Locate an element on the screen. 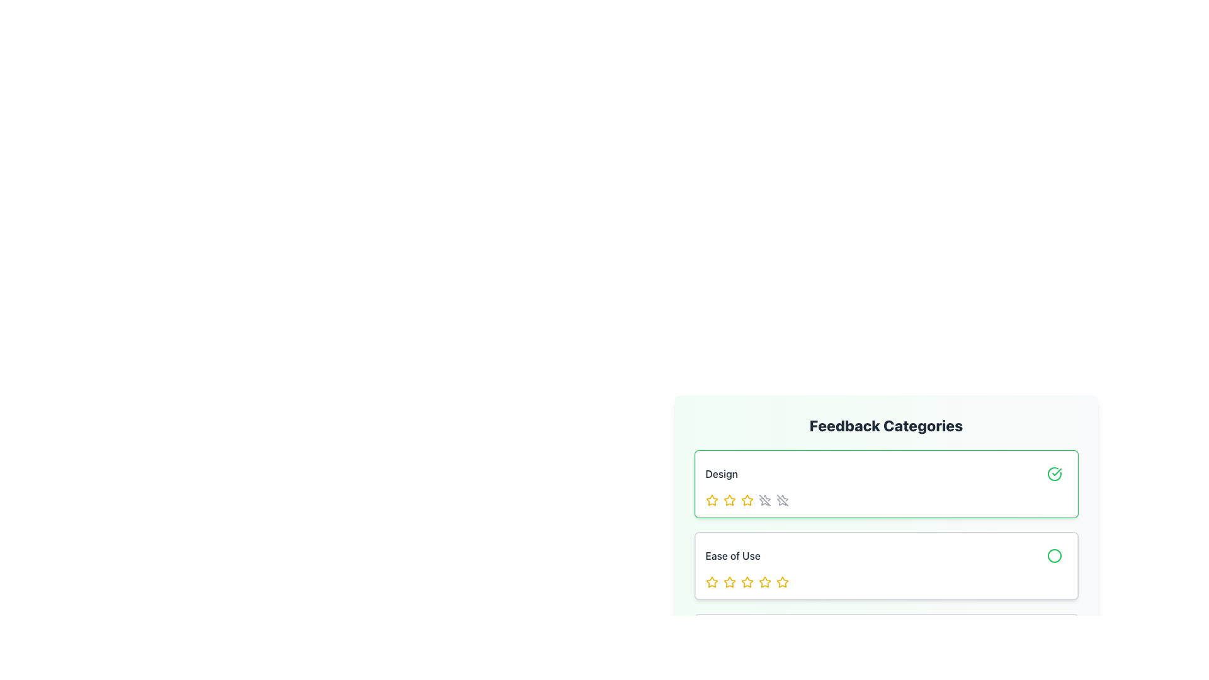  second star icon element in the rating mechanism for its properties is located at coordinates (784, 497).